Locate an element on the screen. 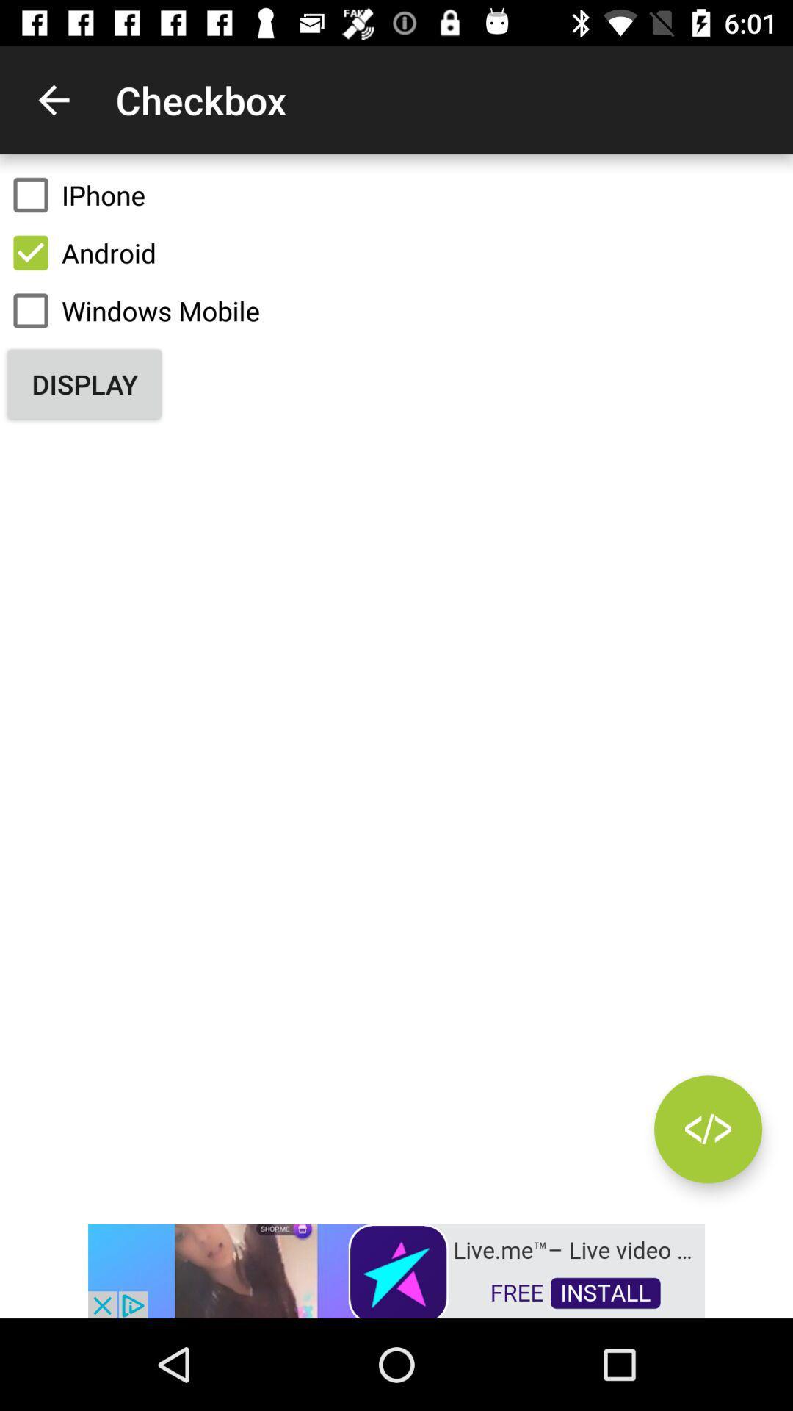 This screenshot has width=793, height=1411. this advertisement is located at coordinates (396, 1269).